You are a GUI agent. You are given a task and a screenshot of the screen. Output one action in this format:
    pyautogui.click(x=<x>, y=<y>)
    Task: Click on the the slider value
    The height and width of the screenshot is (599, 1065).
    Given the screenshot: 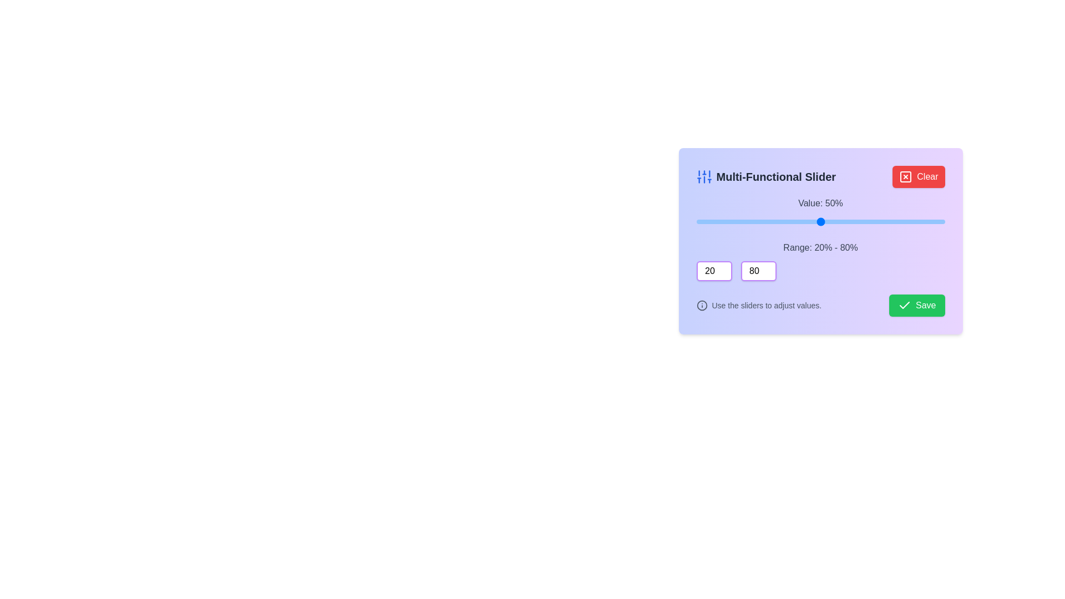 What is the action you would take?
    pyautogui.click(x=704, y=222)
    